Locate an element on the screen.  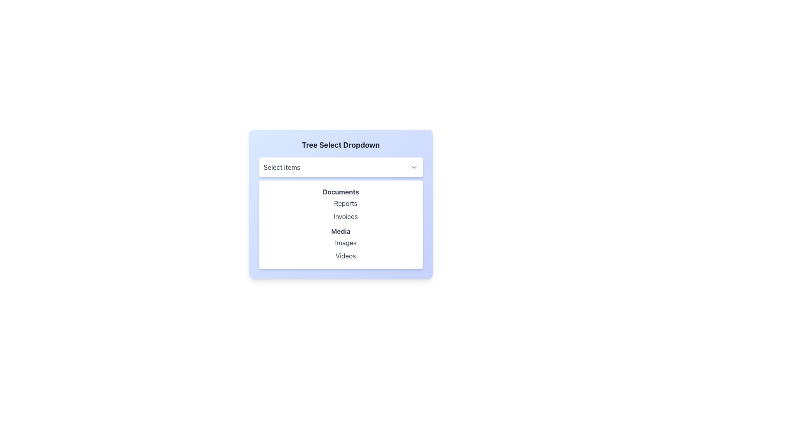
the 'Images' option in the Media dropdown list, styled in grayish font that turns indigo on hover is located at coordinates (344, 242).